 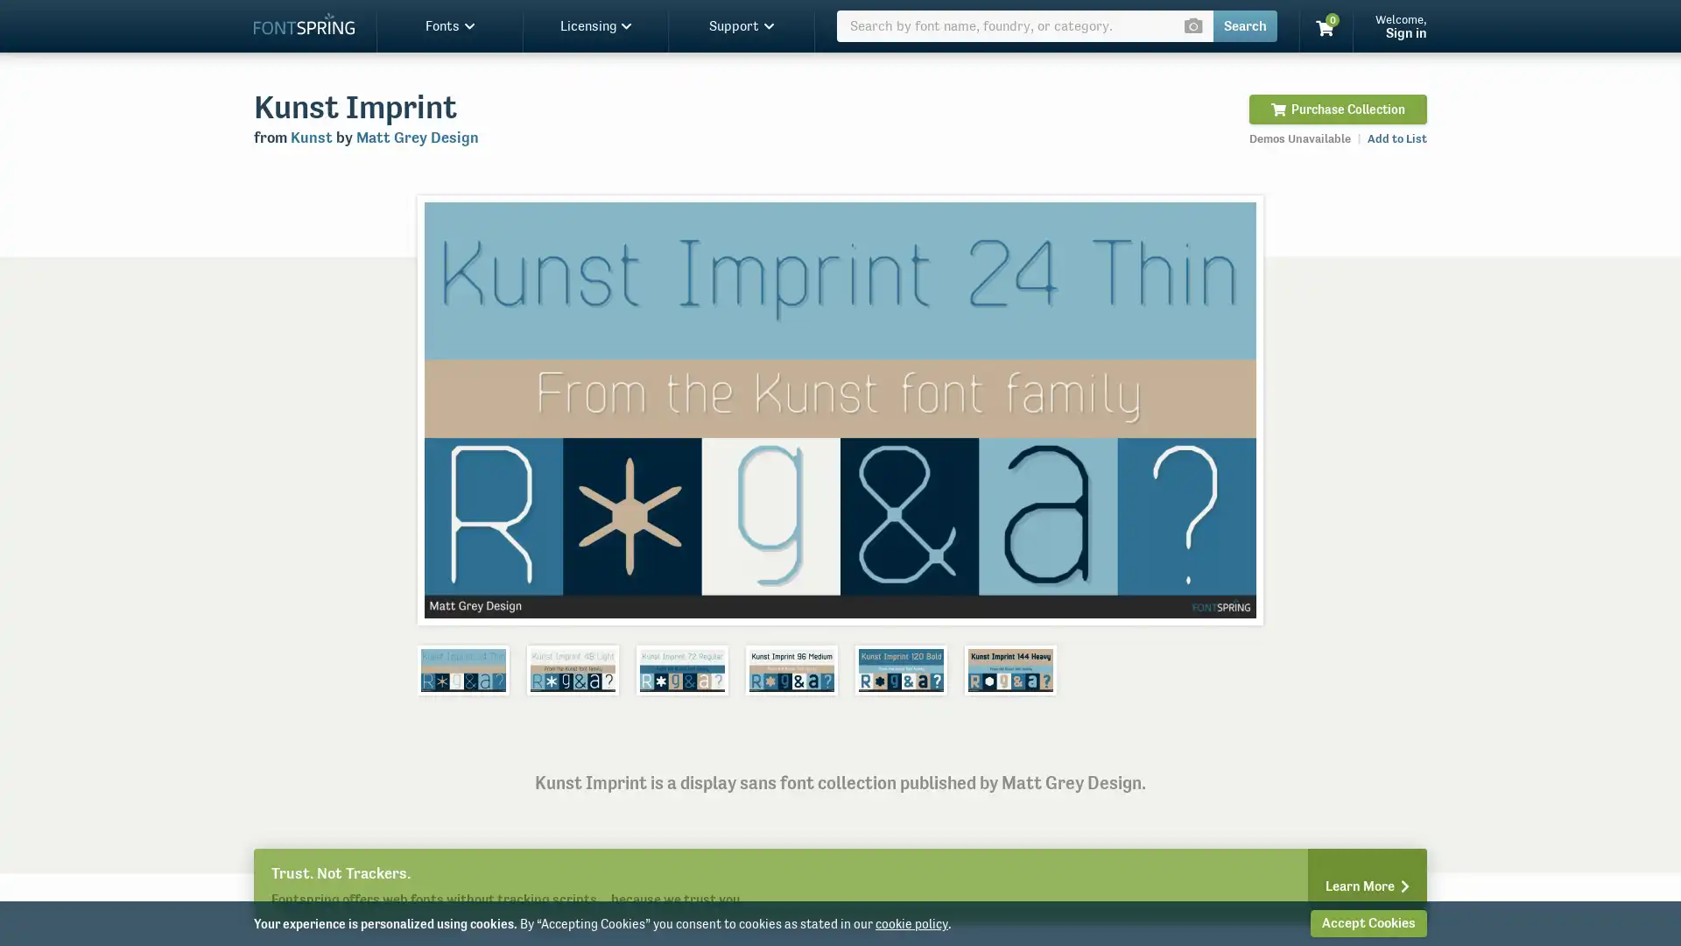 What do you see at coordinates (1337, 109) in the screenshot?
I see `Purchase Collection` at bounding box center [1337, 109].